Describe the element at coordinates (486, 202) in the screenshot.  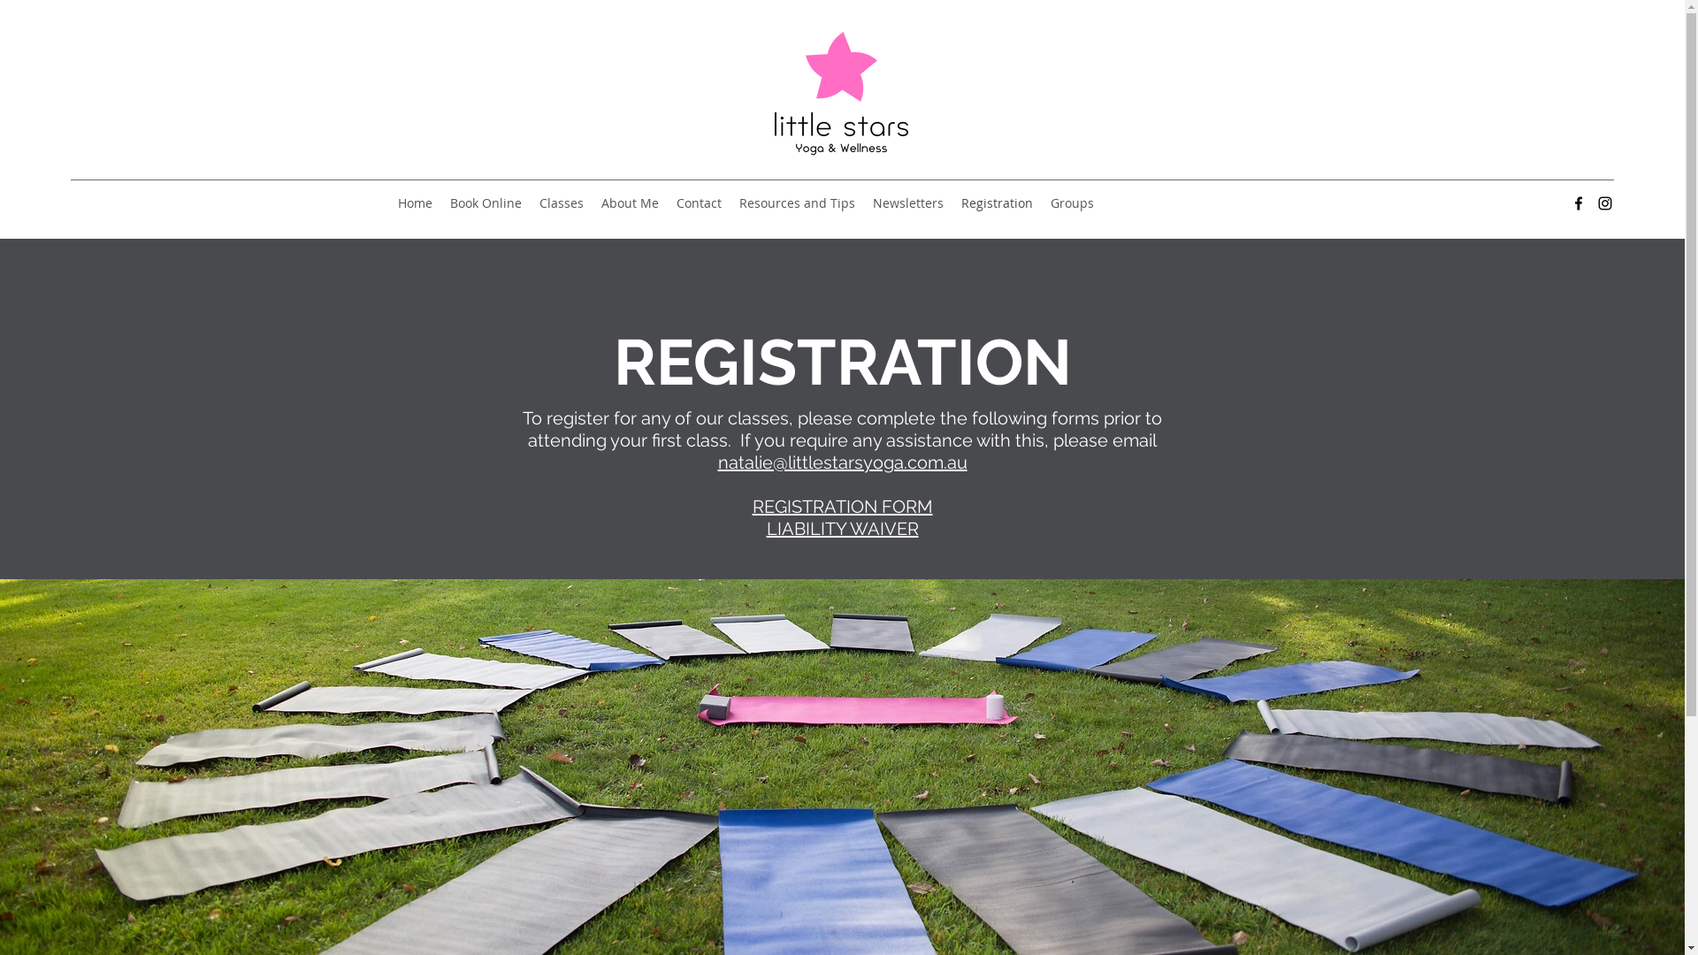
I see `'Book Online'` at that location.